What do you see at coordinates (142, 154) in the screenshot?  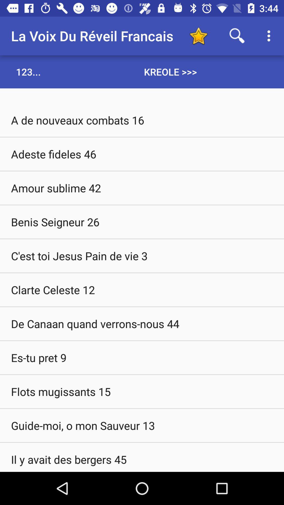 I see `the item above the amour sublime 42 icon` at bounding box center [142, 154].